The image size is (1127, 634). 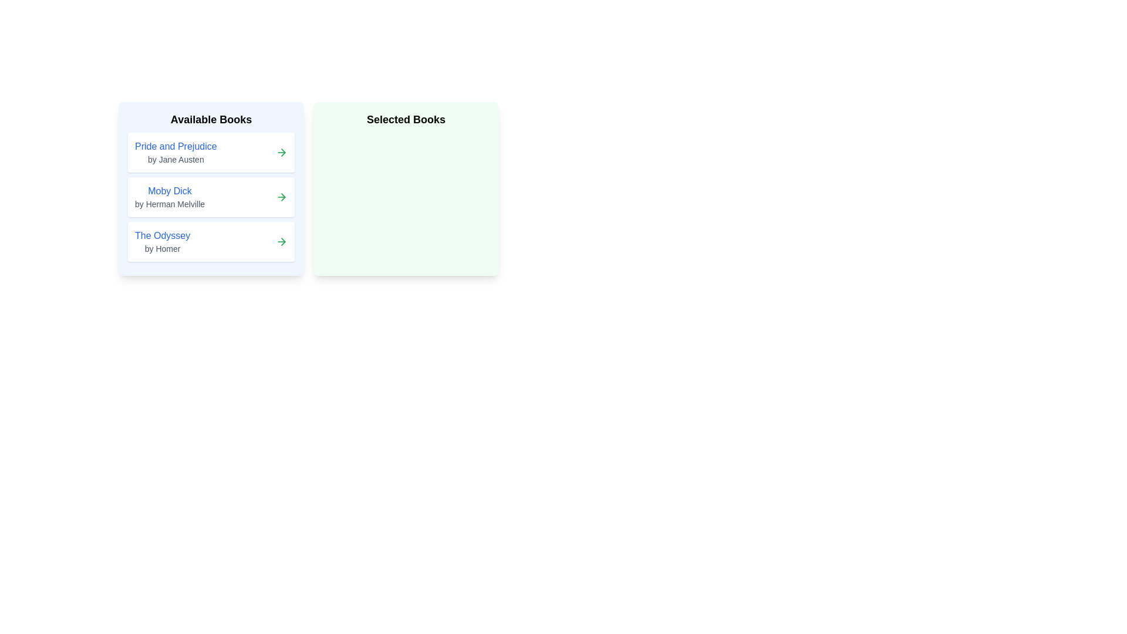 What do you see at coordinates (283, 196) in the screenshot?
I see `the arrow icon next to the 'Moby Dick by Herman Melville' entry in the 'Available Books' section` at bounding box center [283, 196].